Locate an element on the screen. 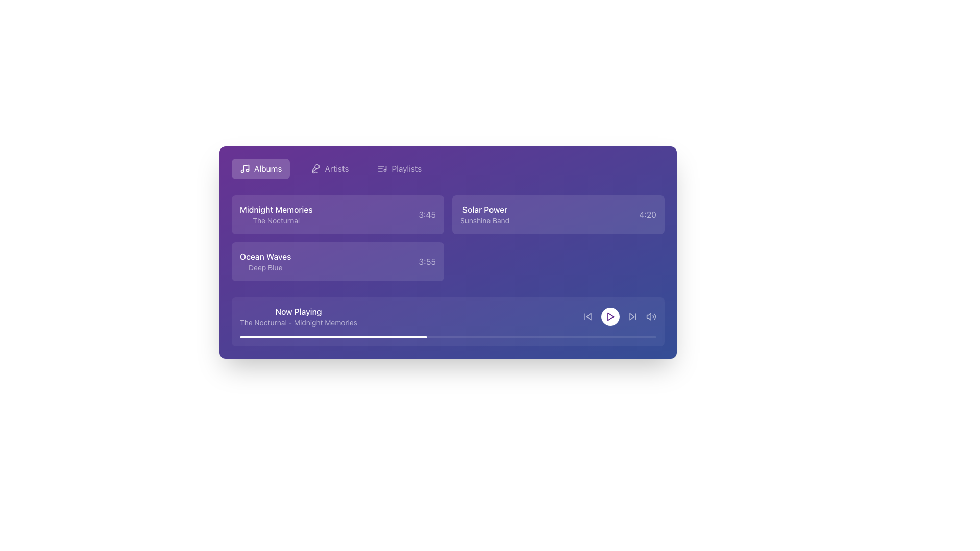 Image resolution: width=980 pixels, height=551 pixels. the text label indicating the track name 'Ocean Waves' and its details 'Deep Blue' located in the second card of the song entries is located at coordinates (265, 261).